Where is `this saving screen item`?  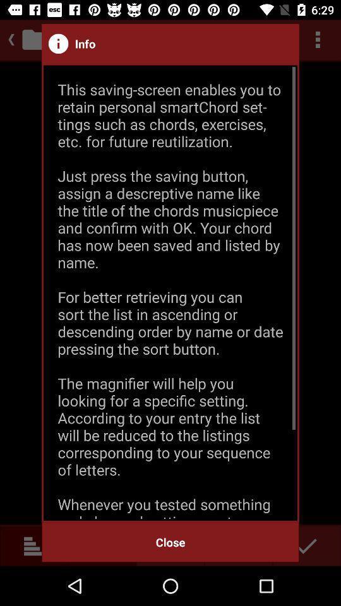 this saving screen item is located at coordinates (170, 293).